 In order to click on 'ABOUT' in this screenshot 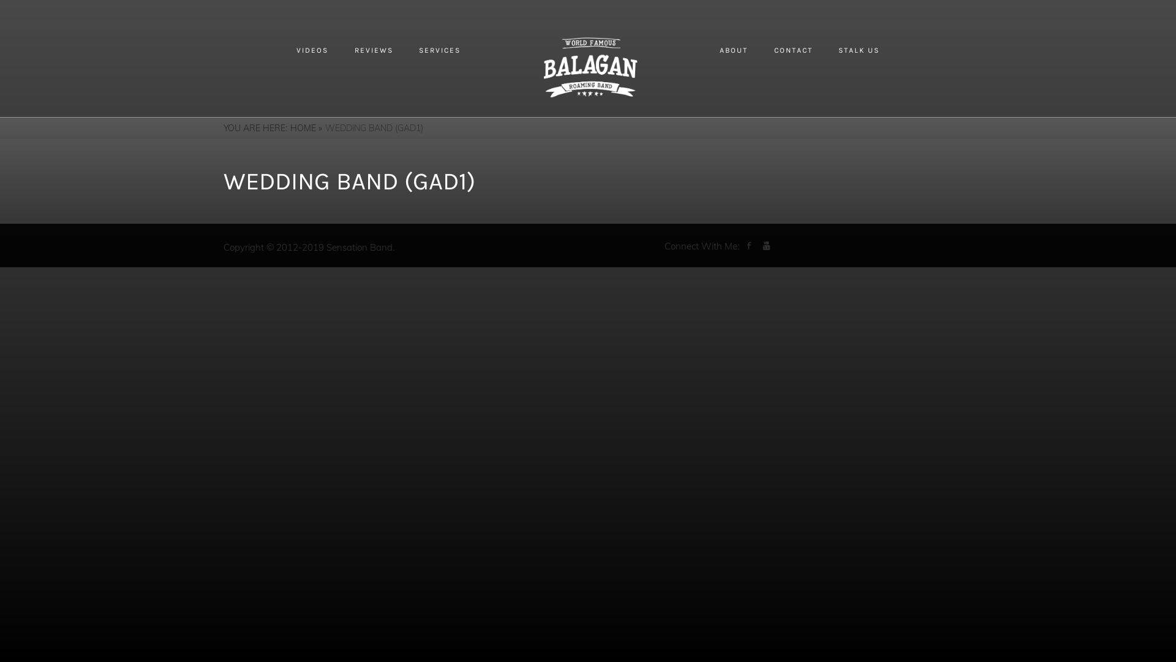, I will do `click(734, 49)`.